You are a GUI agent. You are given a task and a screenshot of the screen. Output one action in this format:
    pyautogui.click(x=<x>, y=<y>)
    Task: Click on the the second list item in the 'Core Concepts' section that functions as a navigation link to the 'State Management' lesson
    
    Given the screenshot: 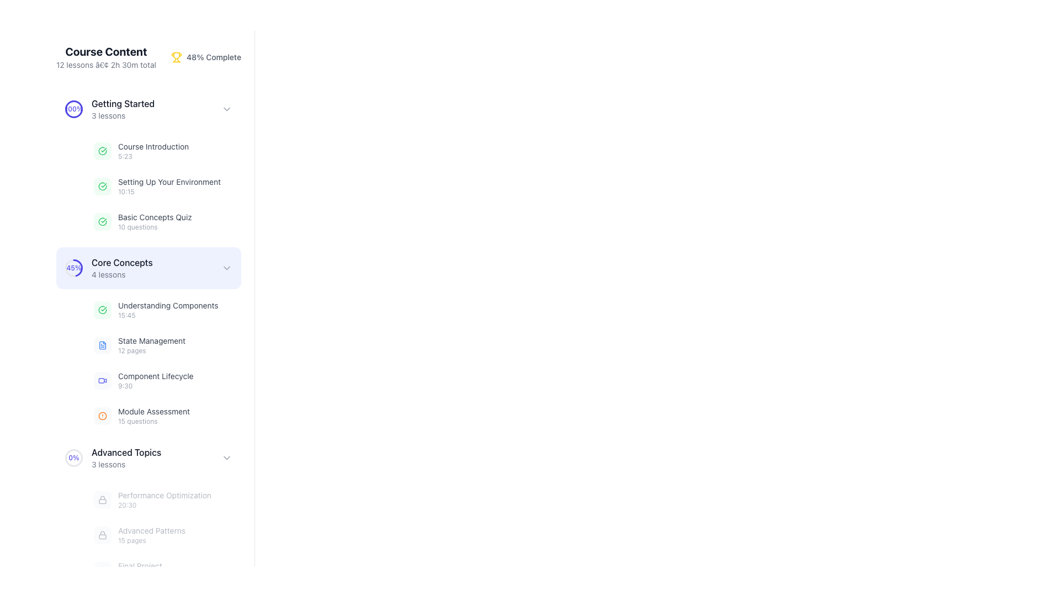 What is the action you would take?
    pyautogui.click(x=139, y=344)
    